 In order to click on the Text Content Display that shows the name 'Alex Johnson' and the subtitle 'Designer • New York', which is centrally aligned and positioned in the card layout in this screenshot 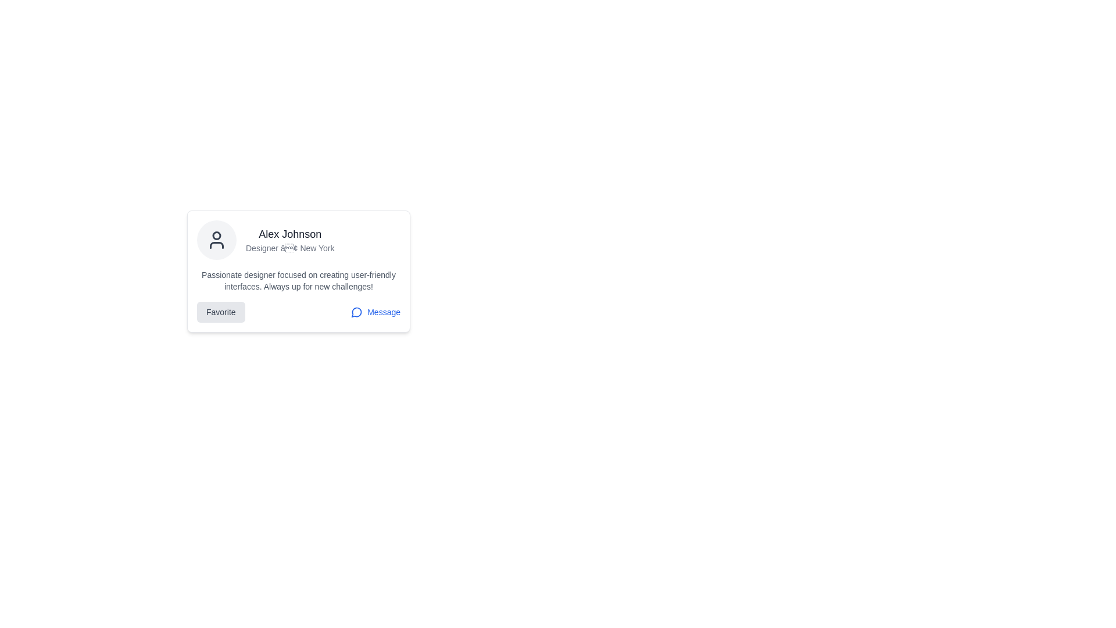, I will do `click(290, 239)`.